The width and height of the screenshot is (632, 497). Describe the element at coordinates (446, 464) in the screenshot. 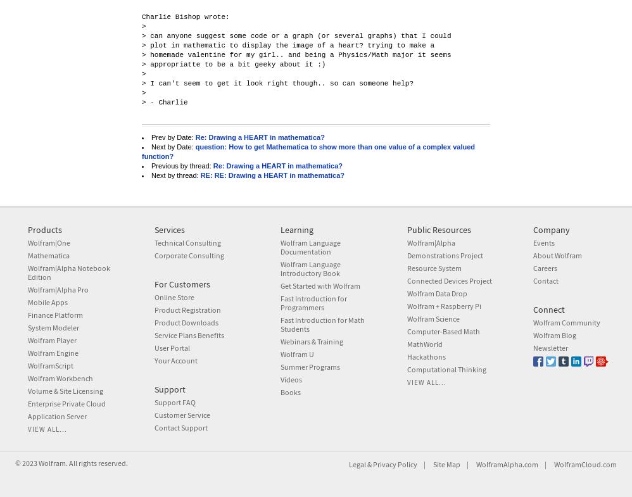

I see `'Site Map'` at that location.